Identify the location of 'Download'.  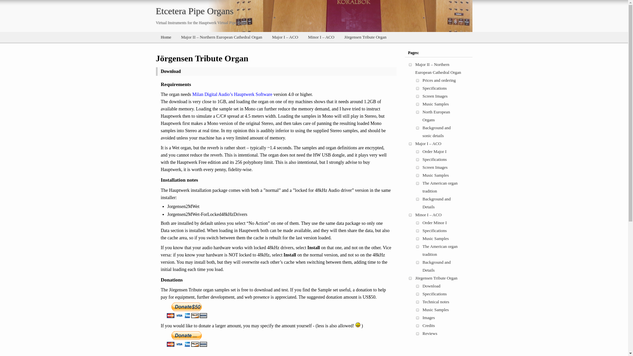
(432, 285).